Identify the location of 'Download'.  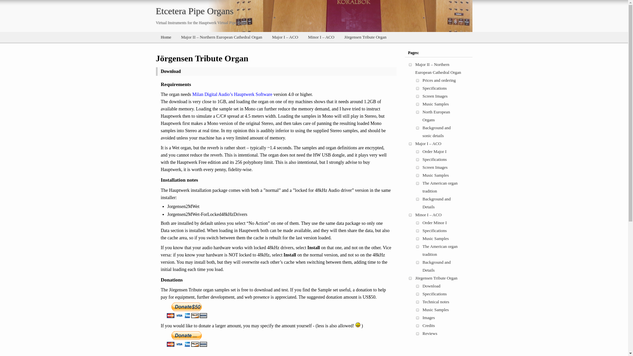
(432, 285).